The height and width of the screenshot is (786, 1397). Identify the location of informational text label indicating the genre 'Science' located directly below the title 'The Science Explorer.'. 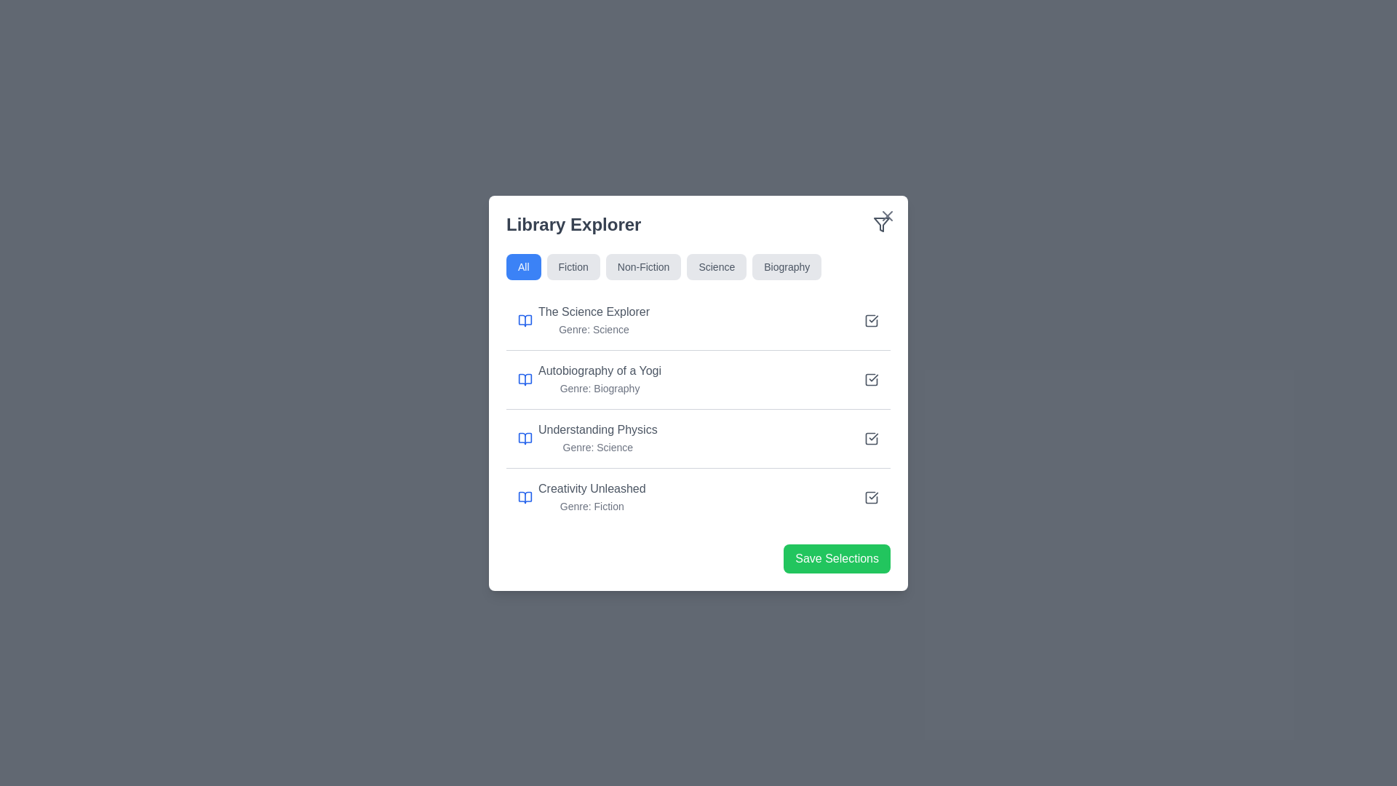
(594, 329).